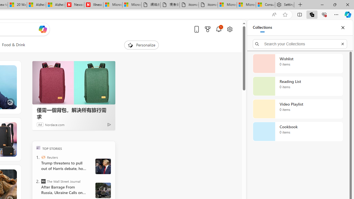  I want to click on 'Exit search', so click(342, 44).